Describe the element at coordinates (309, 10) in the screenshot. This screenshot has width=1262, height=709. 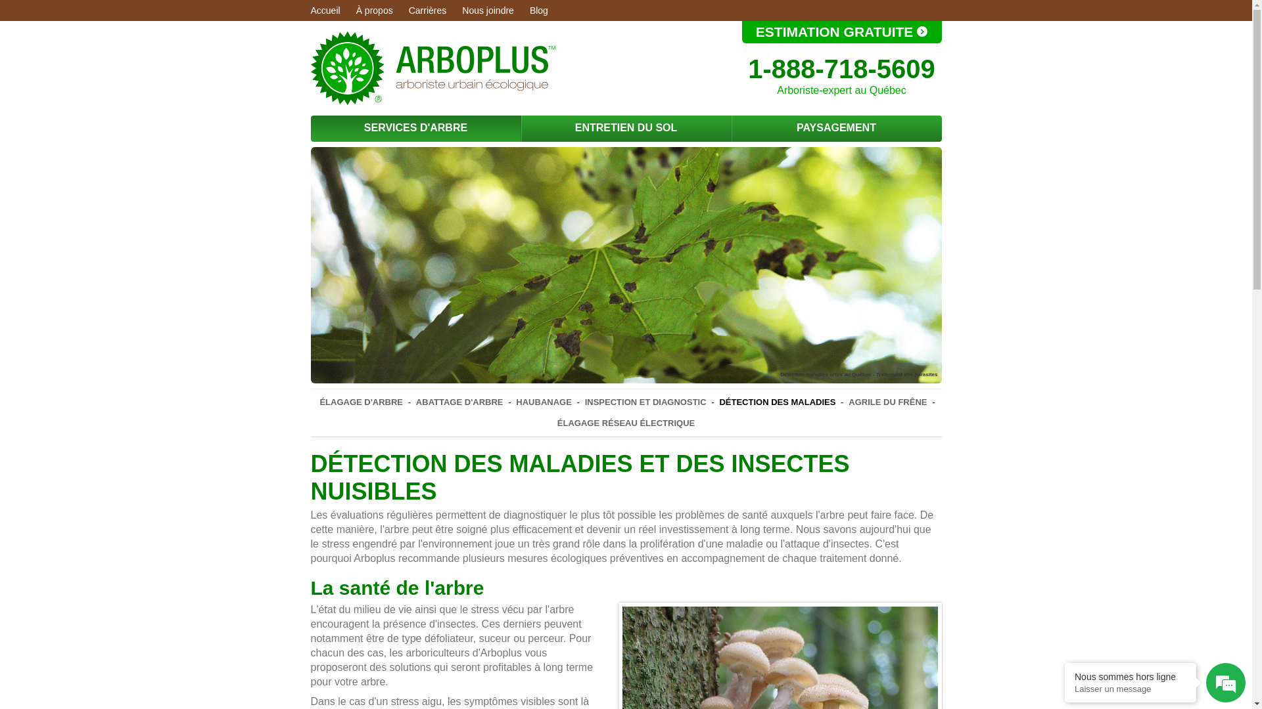
I see `'Accueil'` at that location.